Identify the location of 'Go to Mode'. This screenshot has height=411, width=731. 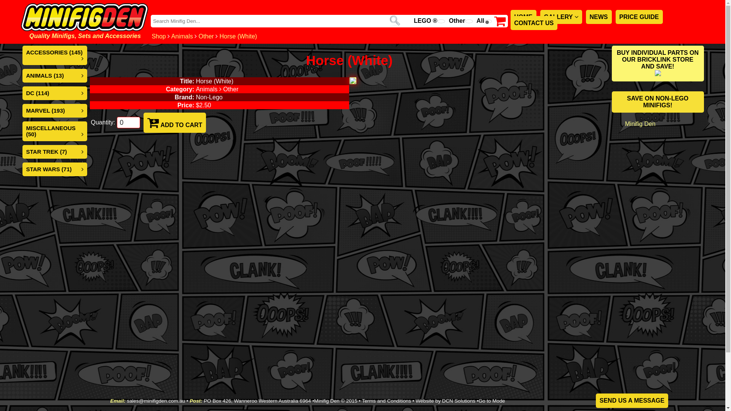
(492, 400).